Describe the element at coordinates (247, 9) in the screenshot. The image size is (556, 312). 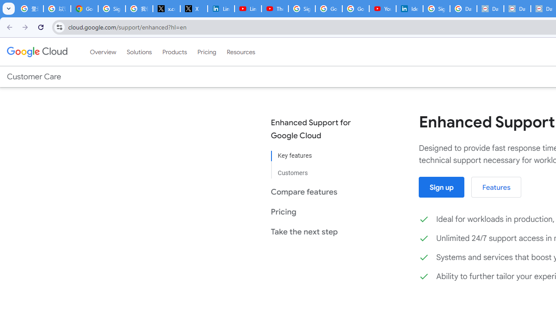
I see `'LinkedIn - YouTube'` at that location.